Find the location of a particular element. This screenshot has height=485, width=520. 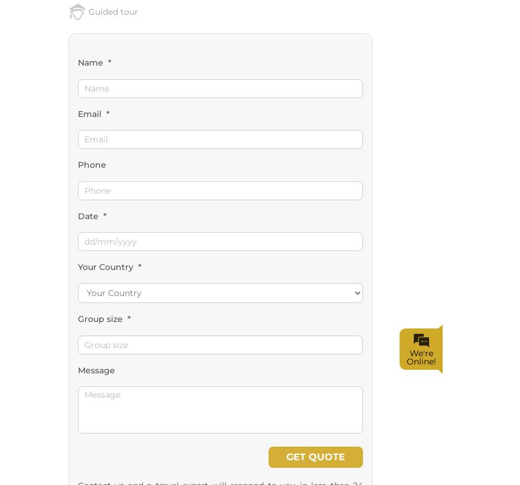

'Message' is located at coordinates (95, 126).